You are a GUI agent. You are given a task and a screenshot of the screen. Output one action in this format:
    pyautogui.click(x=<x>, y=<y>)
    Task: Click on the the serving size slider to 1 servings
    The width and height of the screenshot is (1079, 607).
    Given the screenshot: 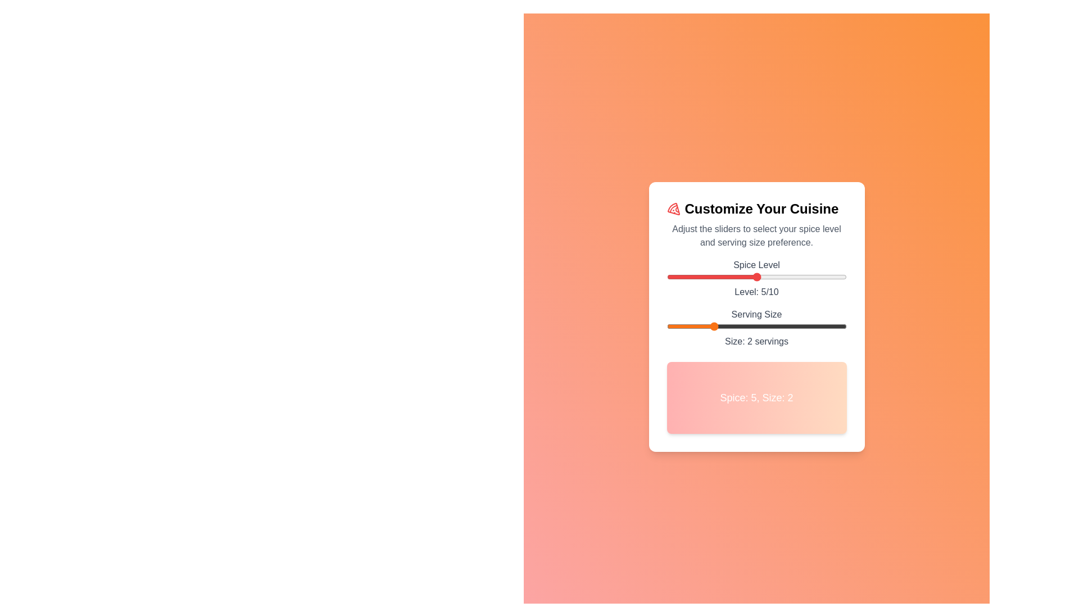 What is the action you would take?
    pyautogui.click(x=667, y=327)
    